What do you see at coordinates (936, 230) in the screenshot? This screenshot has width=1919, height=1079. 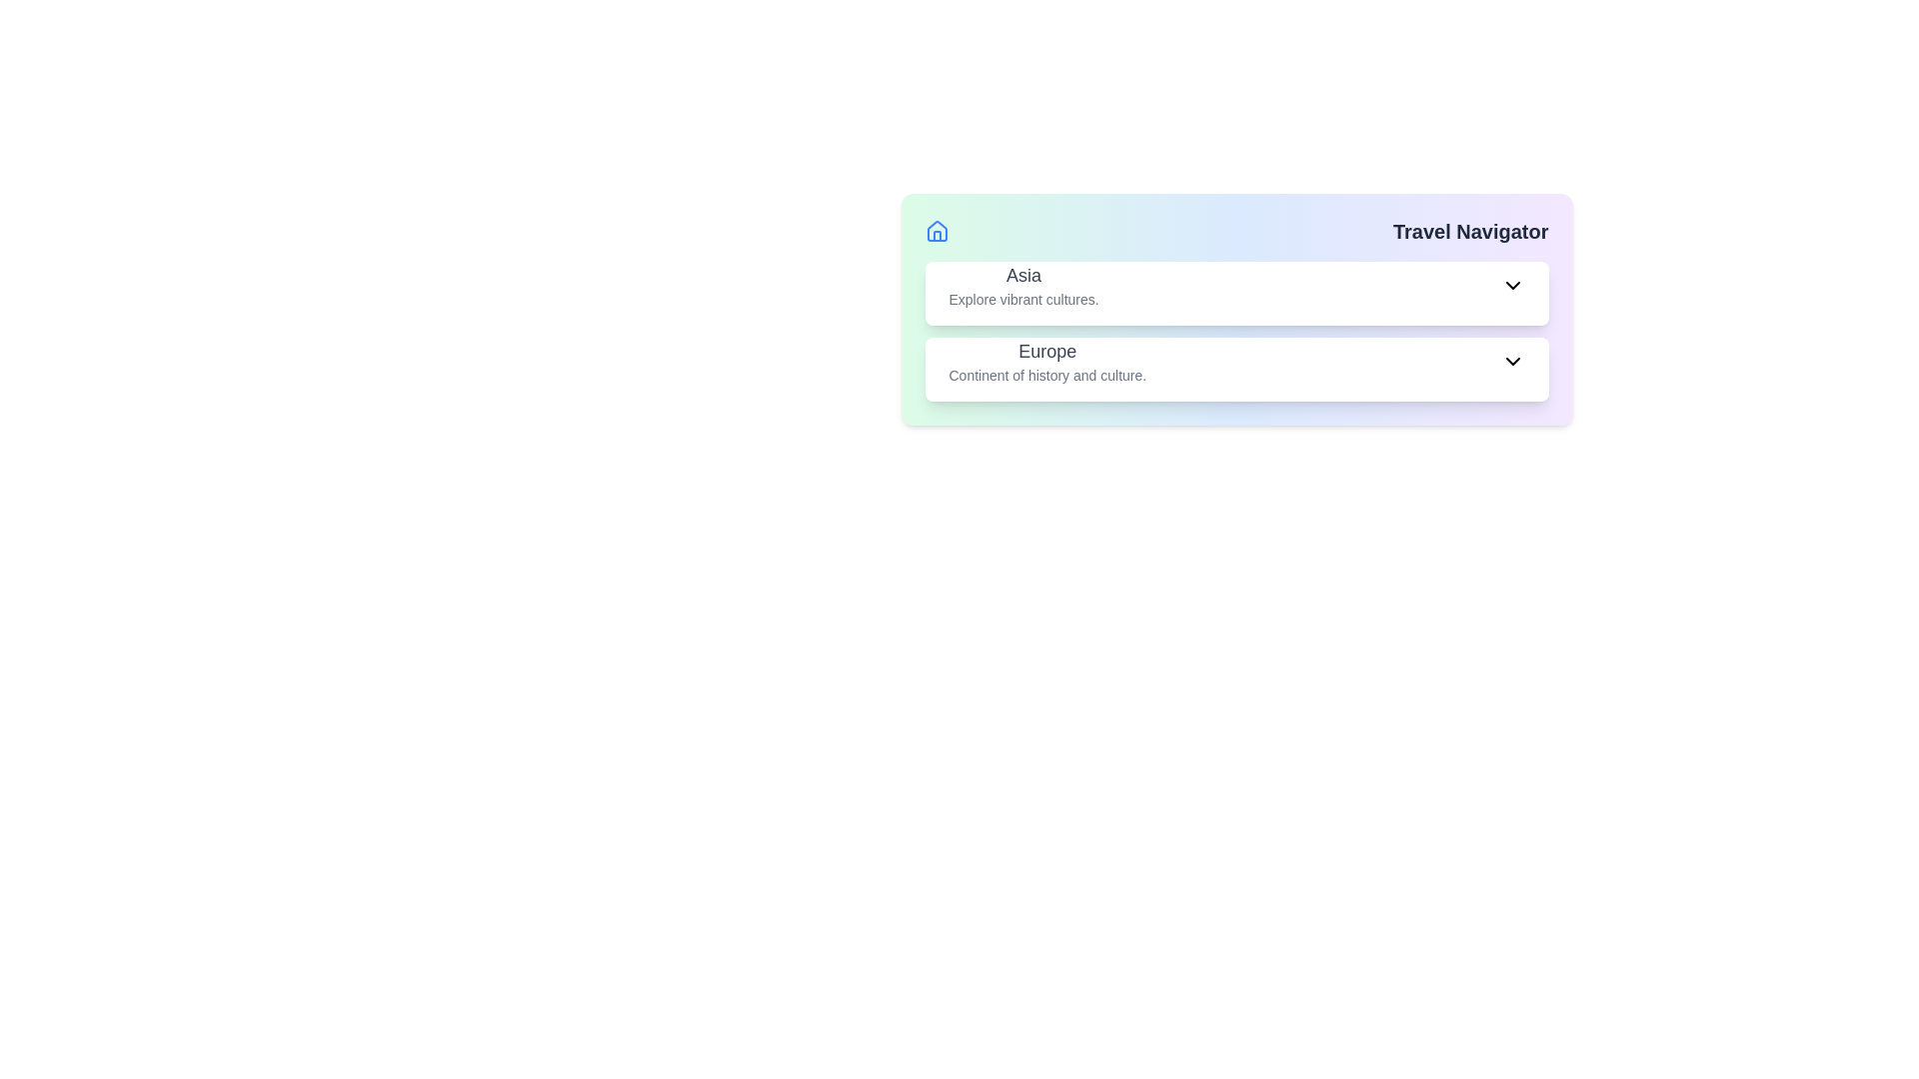 I see `the blue outline house icon in the top-left corner of the 'Travel Navigator' panel` at bounding box center [936, 230].